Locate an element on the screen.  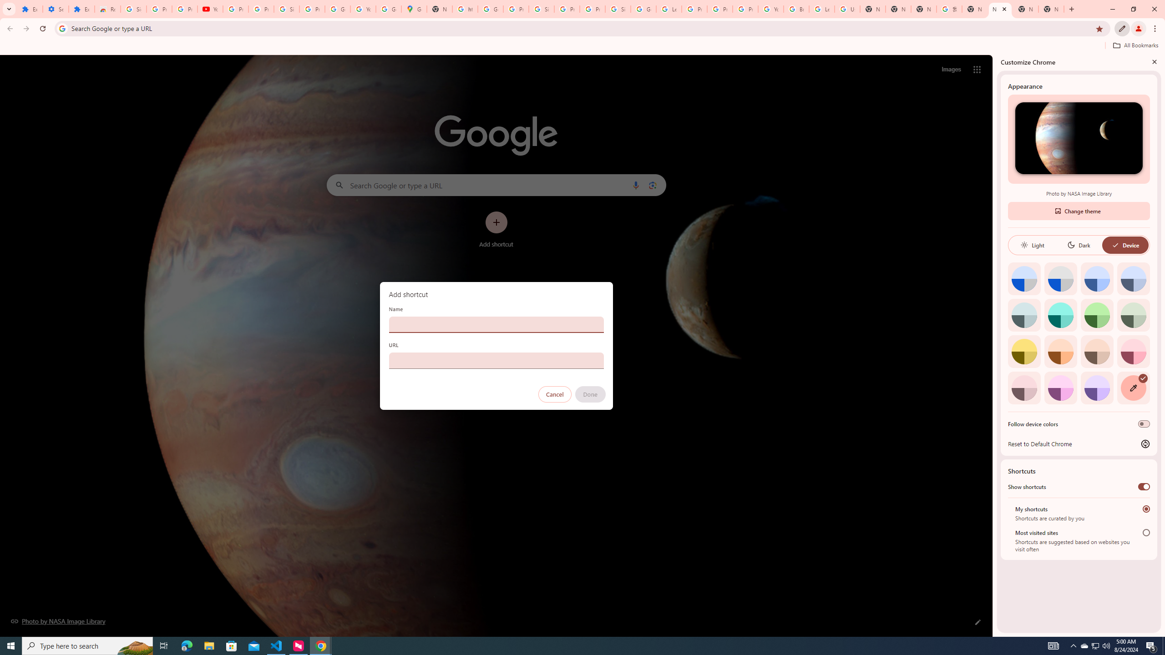
'Custom color' is located at coordinates (1133, 387).